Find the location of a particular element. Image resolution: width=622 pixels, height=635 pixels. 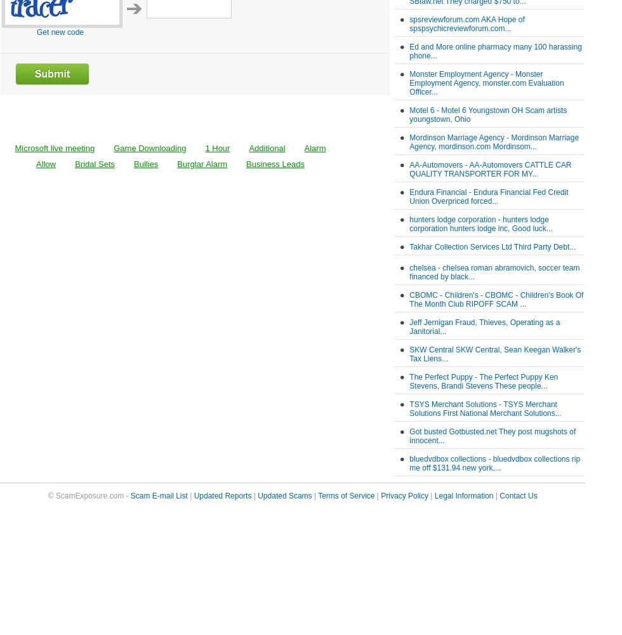

'Monster Employment Agency -  Monster Employment Agency, monster.com Evaluation Officer...' is located at coordinates (486, 83).